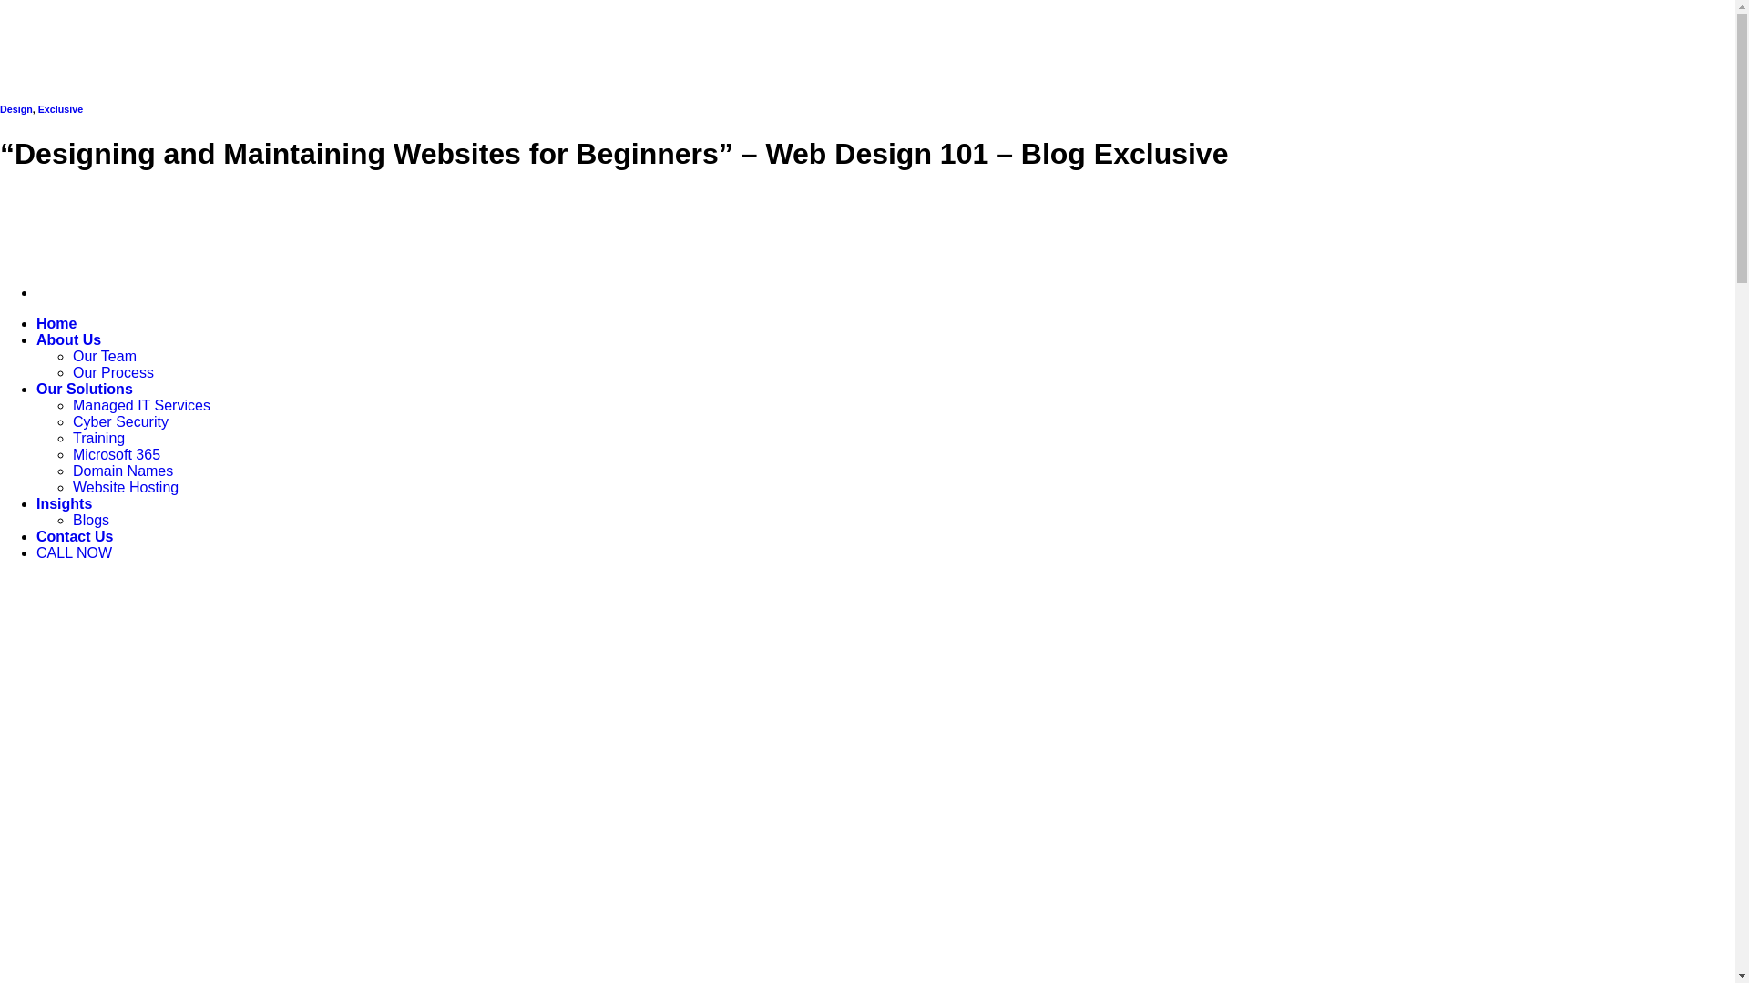  Describe the element at coordinates (16, 108) in the screenshot. I see `'Design'` at that location.